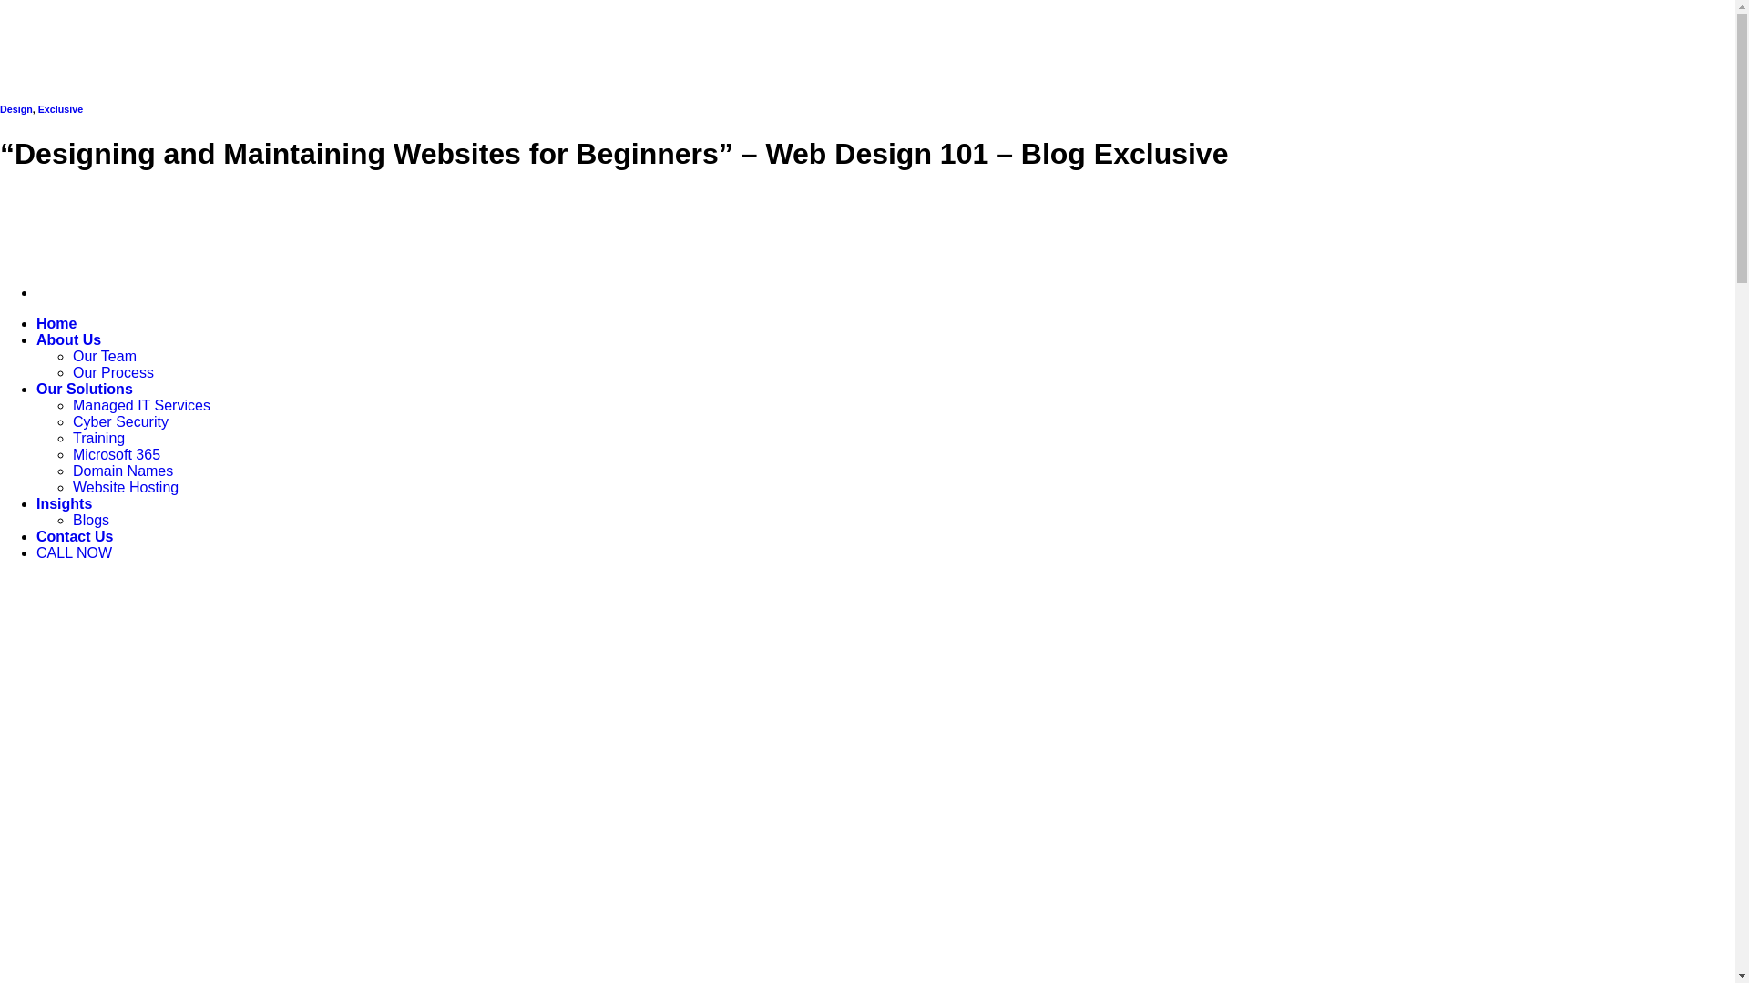  Describe the element at coordinates (16, 108) in the screenshot. I see `'Design'` at that location.